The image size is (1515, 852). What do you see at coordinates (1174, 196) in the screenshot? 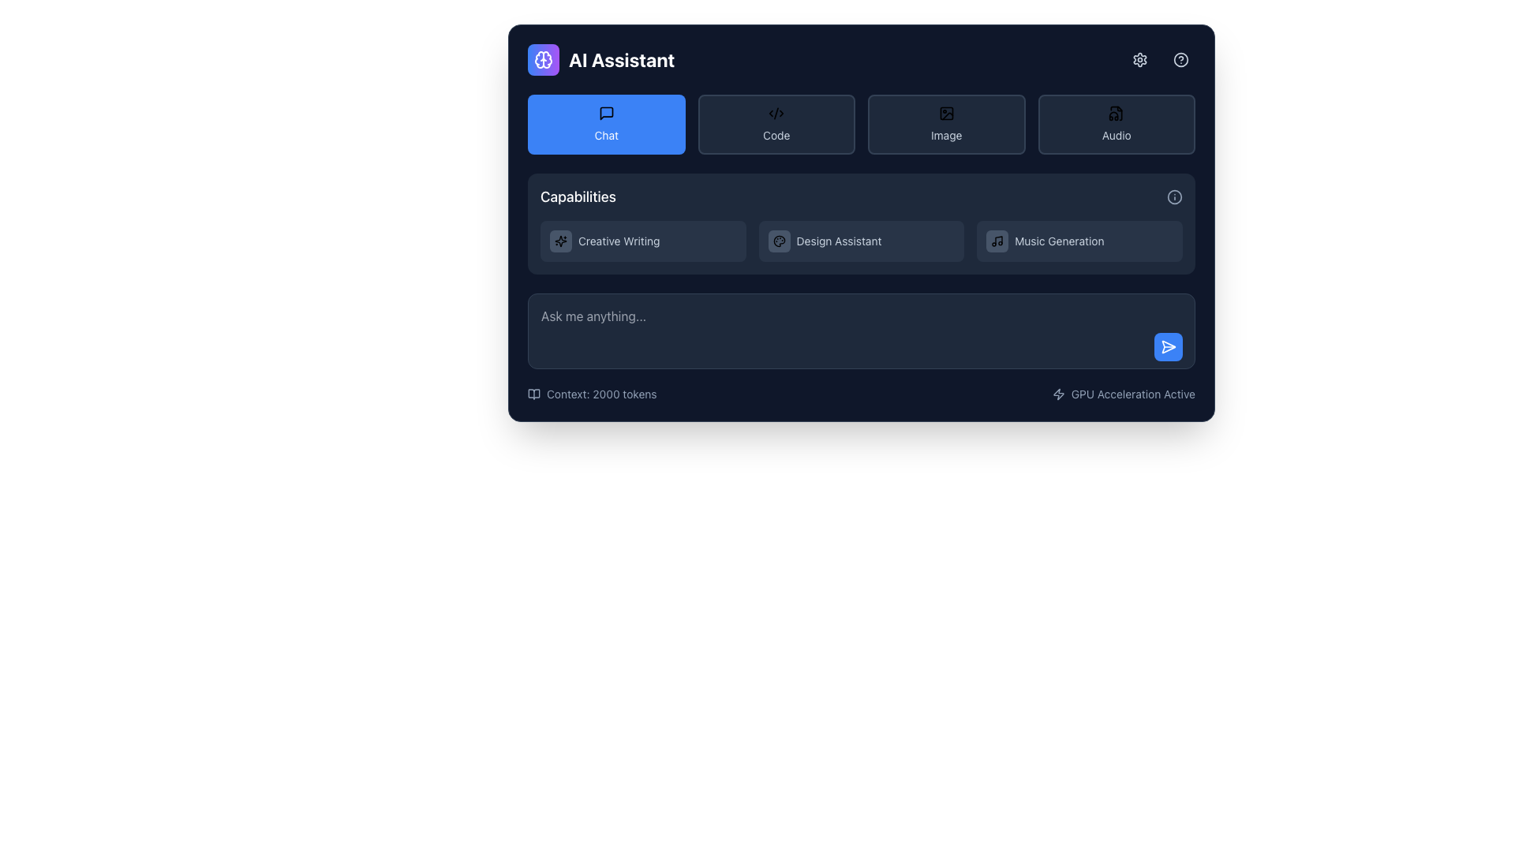
I see `the informational icon located at the top right of the 'Capabilities' section, following the text 'Capabilities'` at bounding box center [1174, 196].